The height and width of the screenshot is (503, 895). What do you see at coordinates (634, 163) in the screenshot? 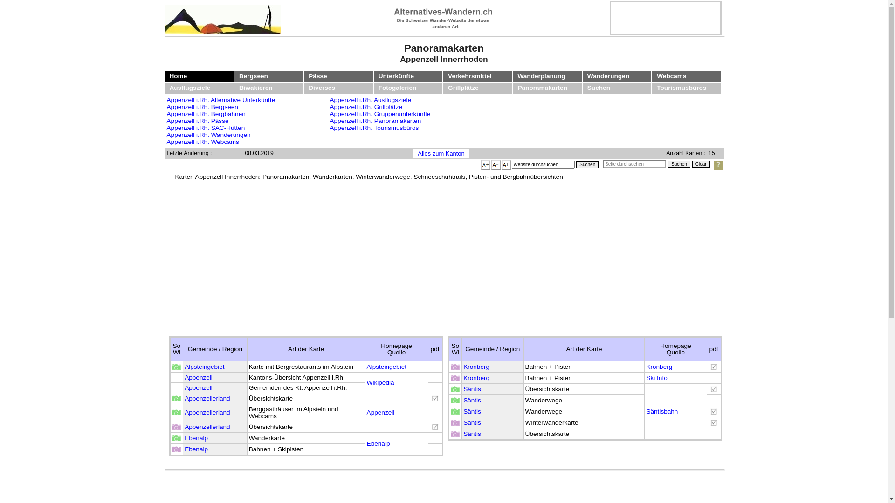
I see `'Suchen auf dieser Seite'` at bounding box center [634, 163].